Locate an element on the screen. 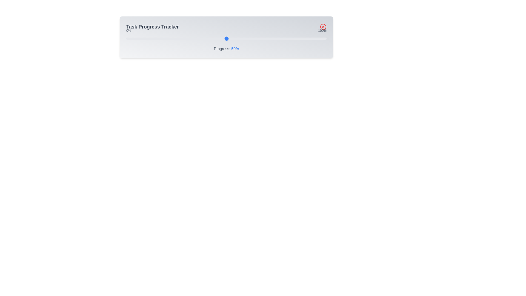 The image size is (526, 296). the progress is located at coordinates (134, 38).